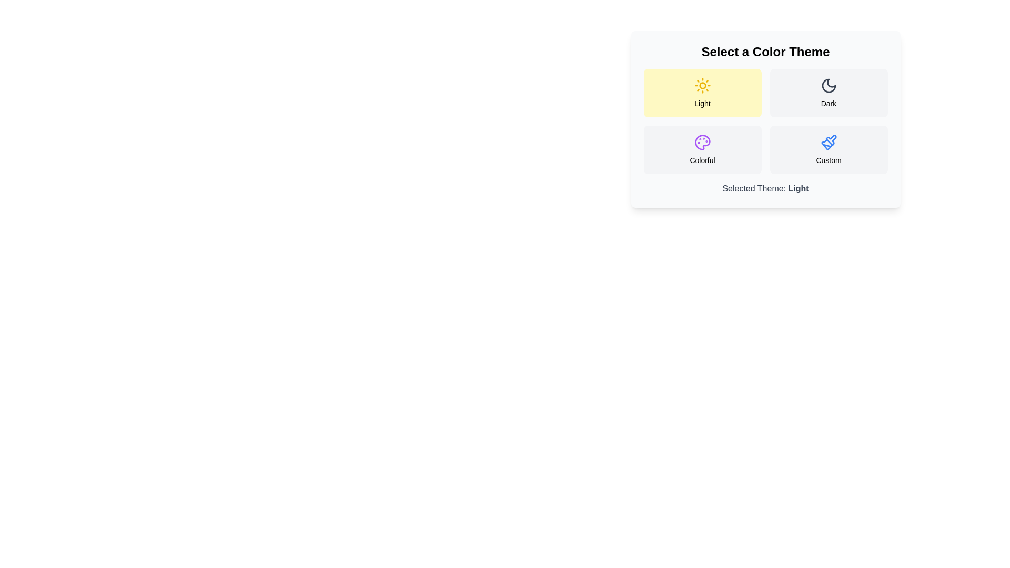  Describe the element at coordinates (828, 93) in the screenshot. I see `the theme Dark by clicking its button` at that location.